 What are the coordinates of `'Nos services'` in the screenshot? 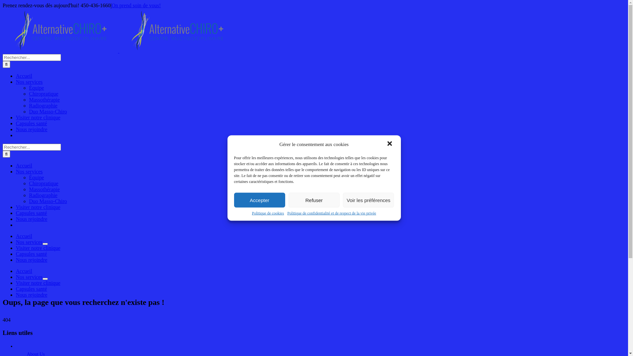 It's located at (29, 277).